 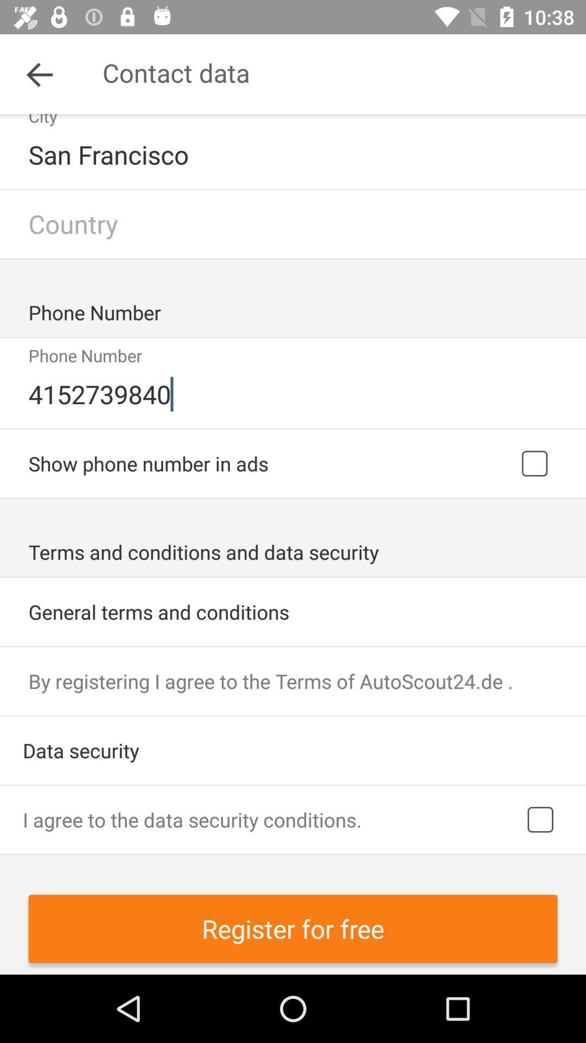 What do you see at coordinates (293, 223) in the screenshot?
I see `type in country` at bounding box center [293, 223].